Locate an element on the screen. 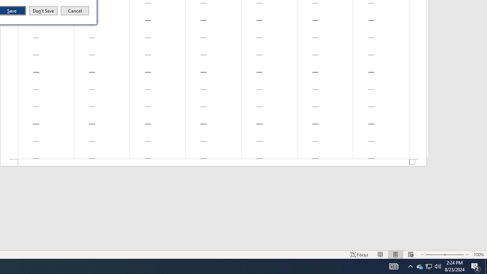  'Notification Chevron' is located at coordinates (393, 266).